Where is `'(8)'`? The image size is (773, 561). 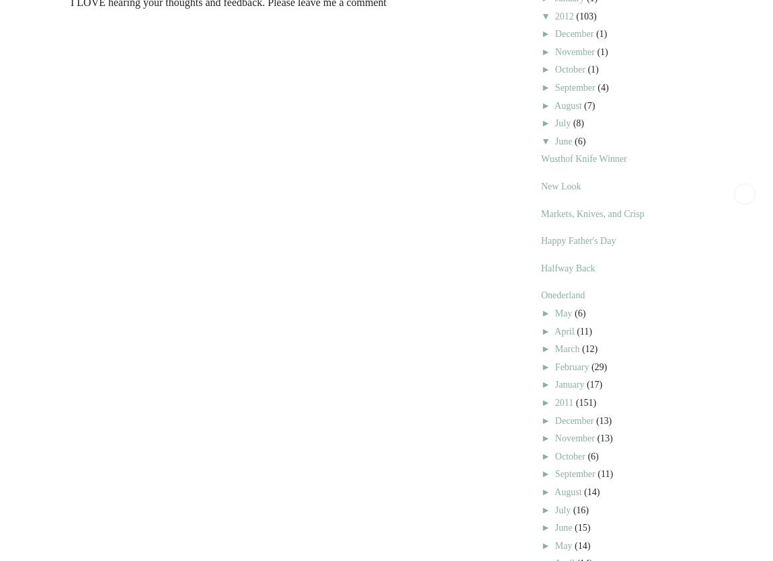
'(8)' is located at coordinates (572, 123).